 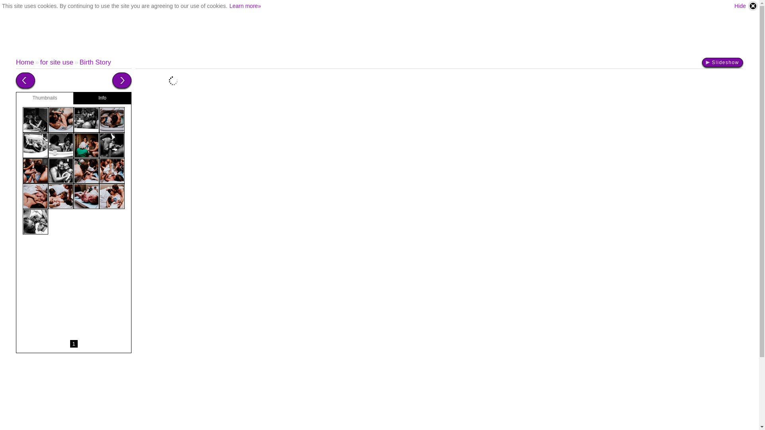 I want to click on 'Hide', so click(x=745, y=6).